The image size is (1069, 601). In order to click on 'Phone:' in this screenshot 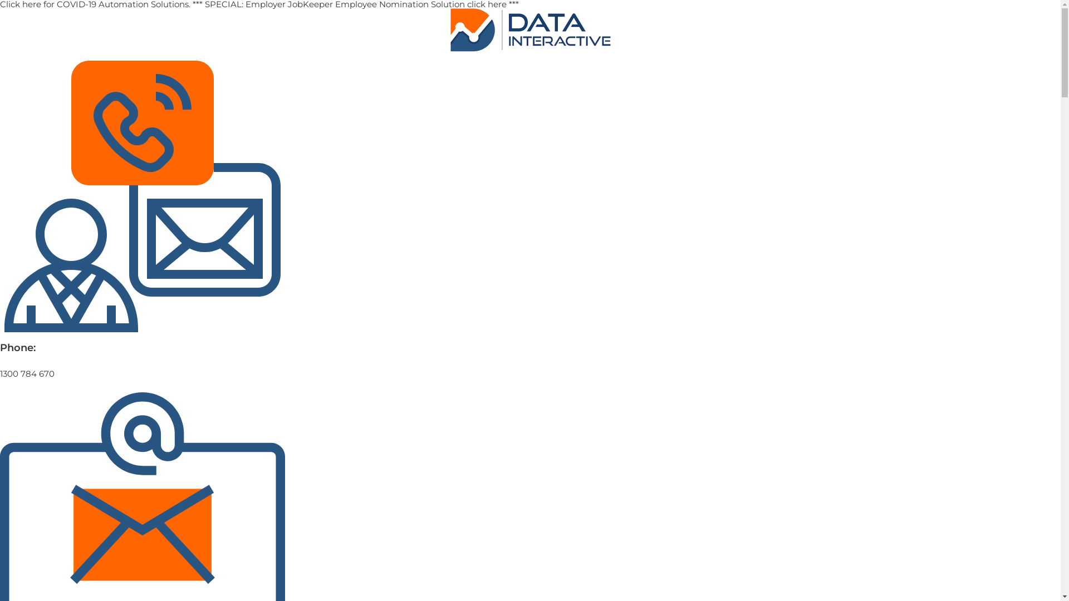, I will do `click(18, 347)`.